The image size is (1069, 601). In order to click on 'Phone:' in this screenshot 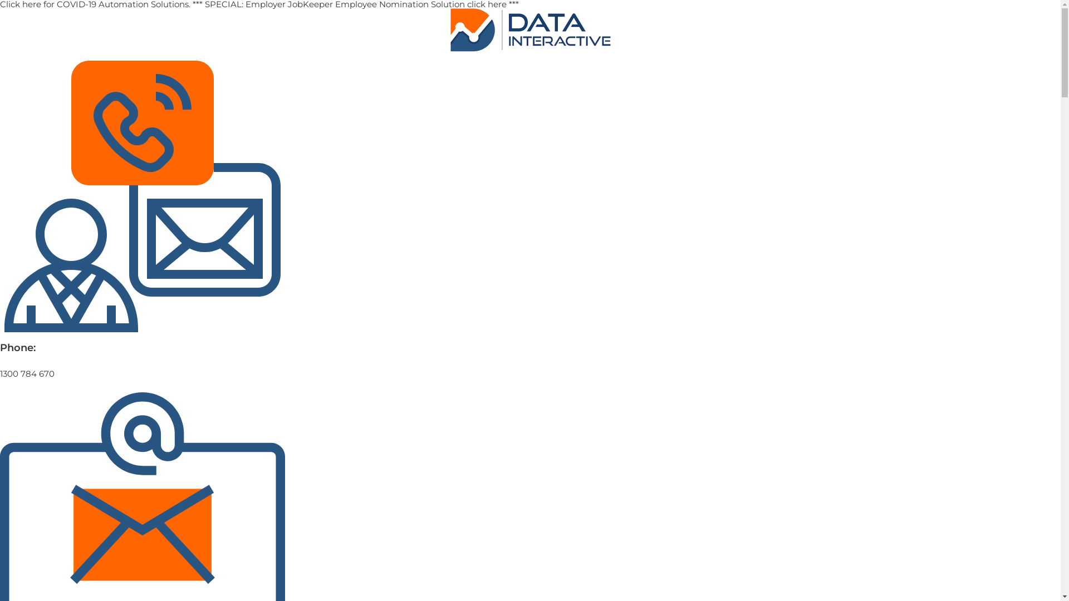, I will do `click(18, 347)`.